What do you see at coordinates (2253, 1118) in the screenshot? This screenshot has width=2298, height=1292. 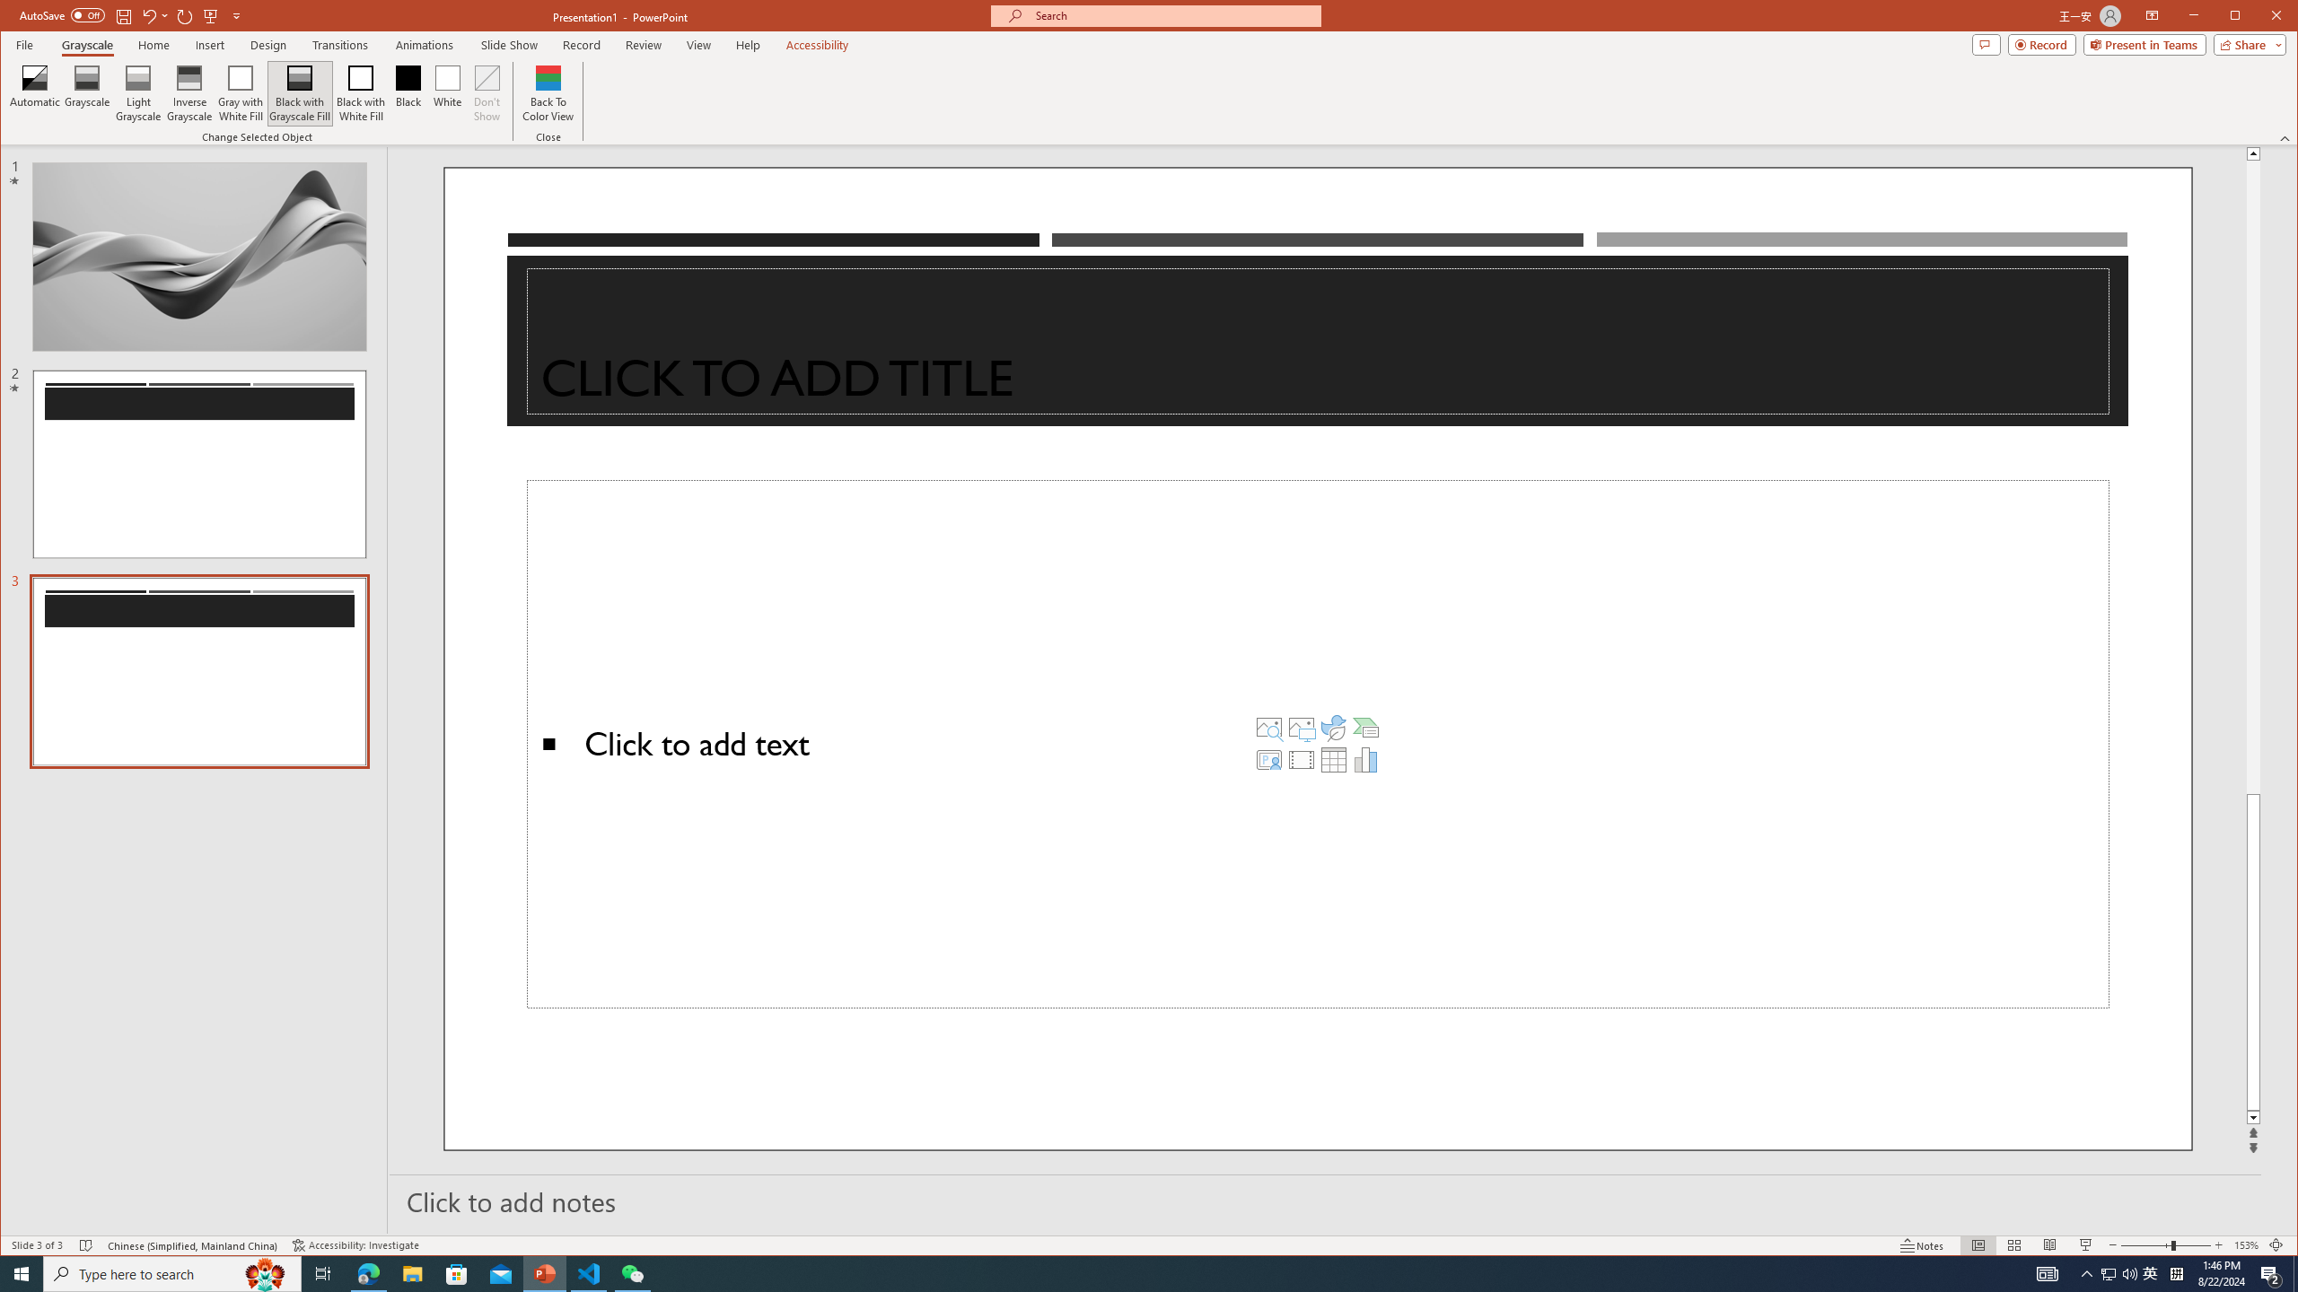 I see `'Line down'` at bounding box center [2253, 1118].